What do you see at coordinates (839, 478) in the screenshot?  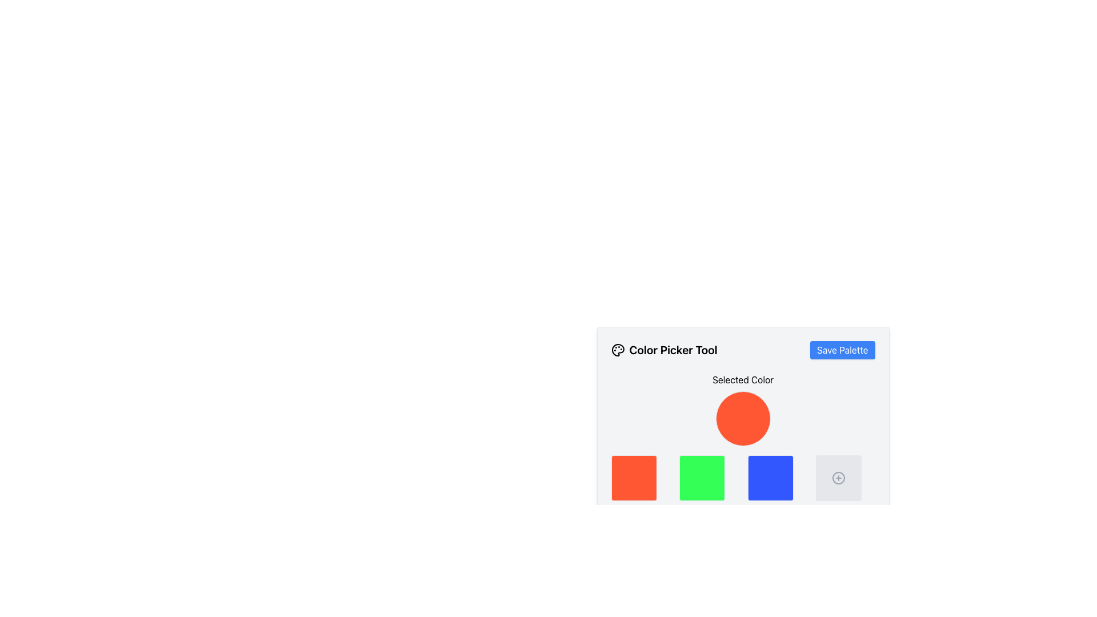 I see `the gray circular button located in the bottom-right corner of the color-picker interface` at bounding box center [839, 478].